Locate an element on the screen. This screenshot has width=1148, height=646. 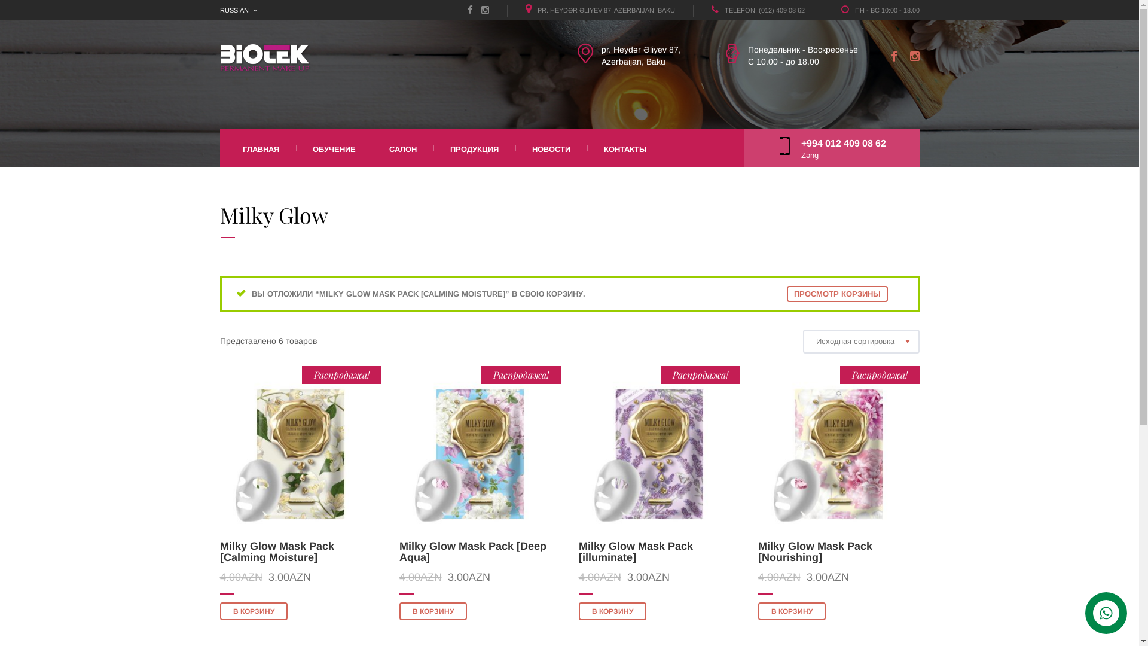
'Milky Glow Mask Pack [Nourishing]' is located at coordinates (814, 551).